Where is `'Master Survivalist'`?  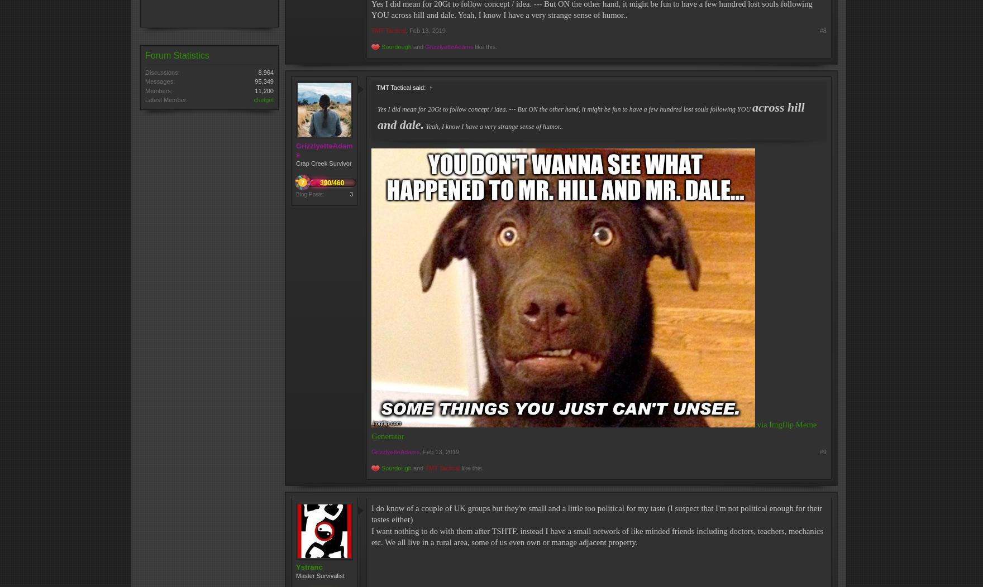 'Master Survivalist' is located at coordinates (320, 574).